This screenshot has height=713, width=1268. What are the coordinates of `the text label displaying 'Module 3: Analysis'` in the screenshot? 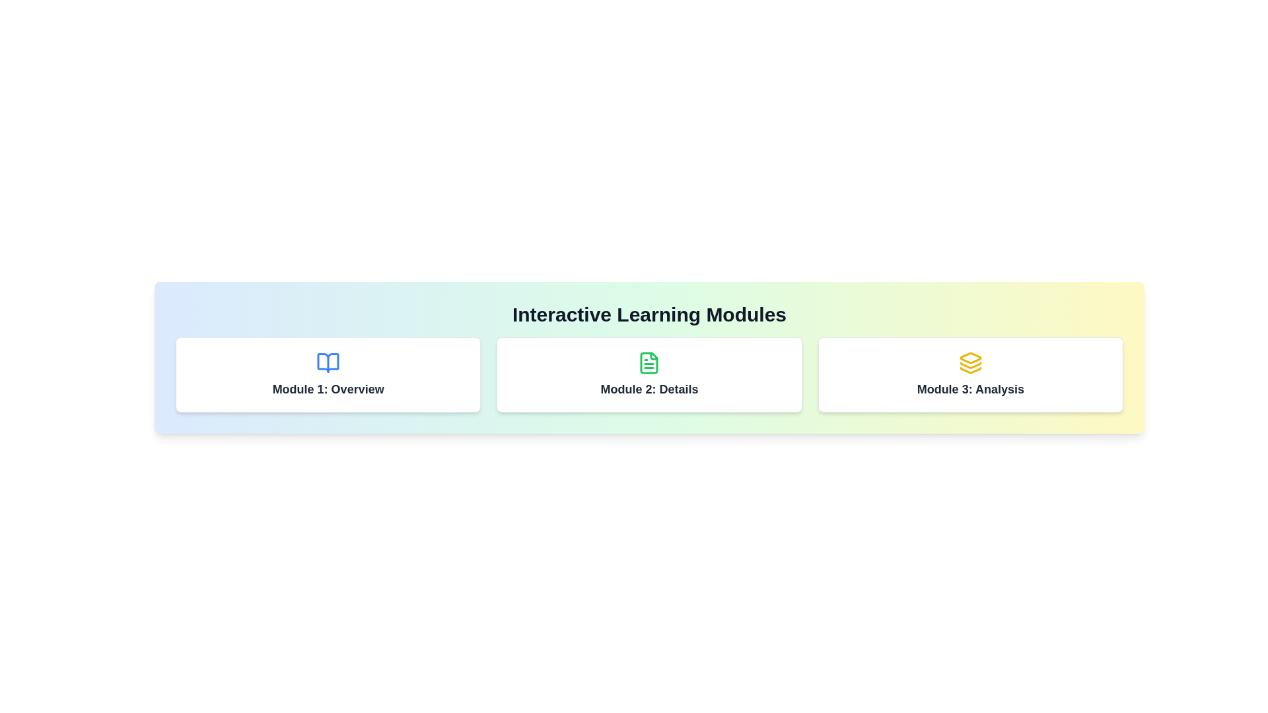 It's located at (970, 389).